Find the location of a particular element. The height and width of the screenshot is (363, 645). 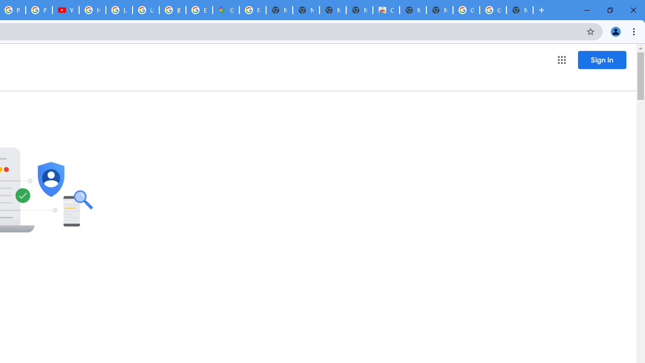

'How Chrome protects your passwords - Google Chrome Help' is located at coordinates (92, 10).